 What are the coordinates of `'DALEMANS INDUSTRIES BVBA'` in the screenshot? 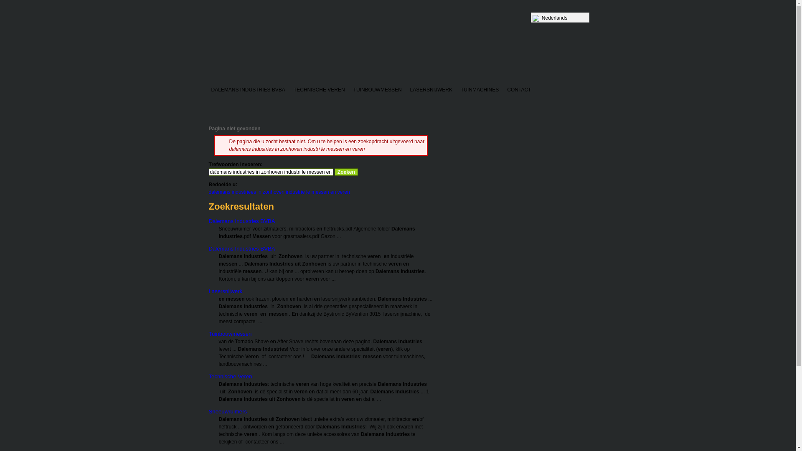 It's located at (248, 90).